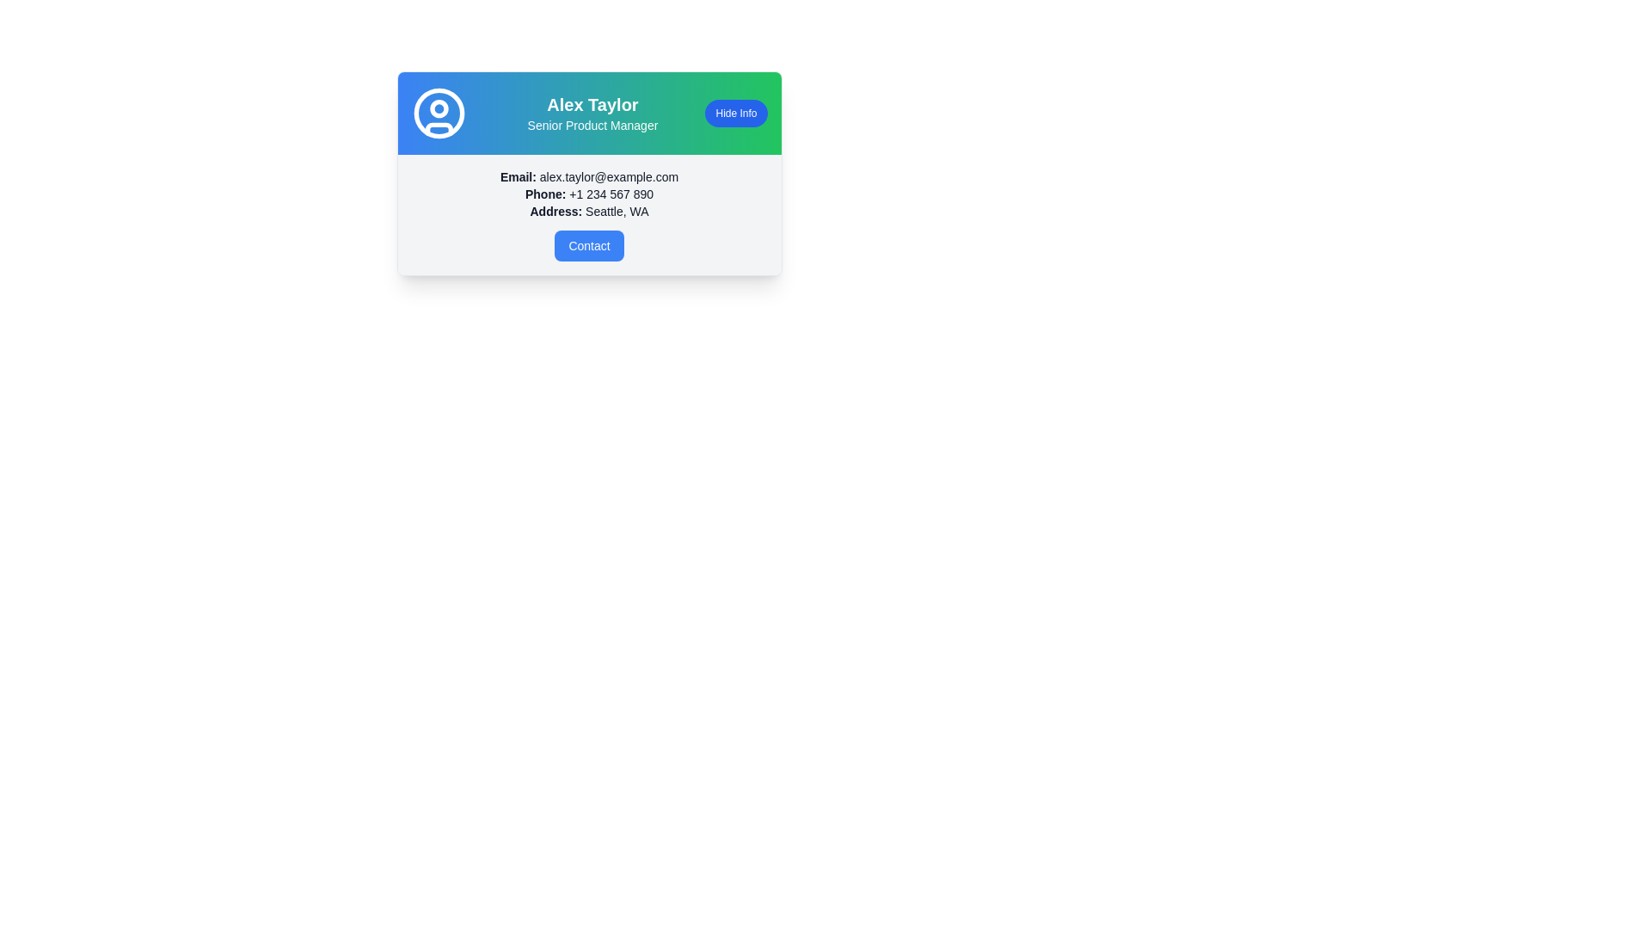 The height and width of the screenshot is (929, 1651). I want to click on text content of the Text Label indicating the professional title of 'Alex Taylor', which is positioned directly below the name 'Alex Taylor' in the upper section of the card layout, so click(592, 125).